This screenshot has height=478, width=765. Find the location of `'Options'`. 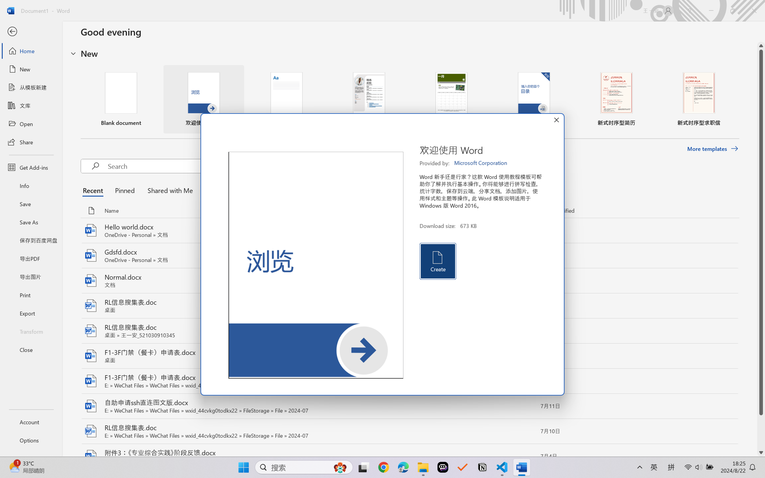

'Options' is located at coordinates (31, 440).